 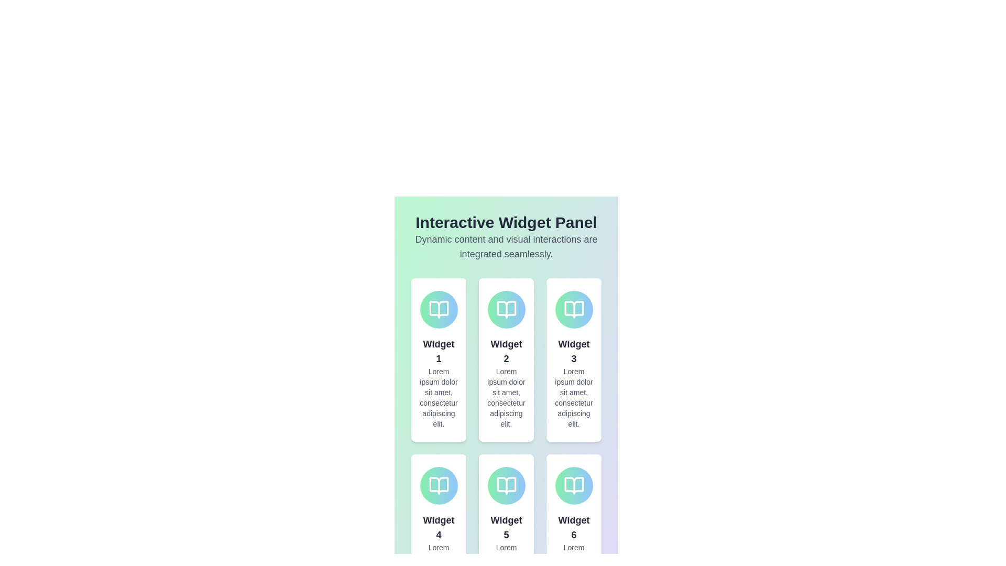 I want to click on the circular icon button with a gradient background transitioning from green to blue, featuring a white open book SVG icon, located in the top right quadrant of 'Widget 3', so click(x=573, y=309).